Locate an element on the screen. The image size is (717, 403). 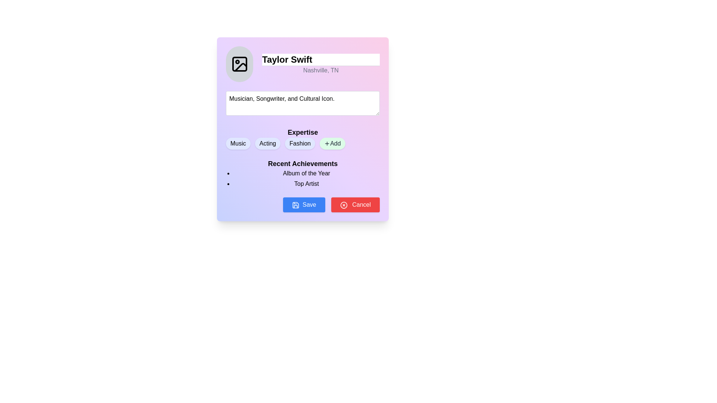
the SVG circle graphic located near the top-right corner of the interface, which is part of the 'Cancel' button design is located at coordinates (343, 205).